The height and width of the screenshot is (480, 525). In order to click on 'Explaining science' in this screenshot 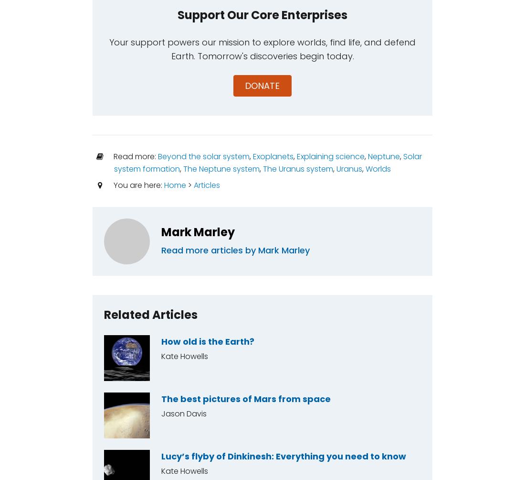, I will do `click(296, 156)`.